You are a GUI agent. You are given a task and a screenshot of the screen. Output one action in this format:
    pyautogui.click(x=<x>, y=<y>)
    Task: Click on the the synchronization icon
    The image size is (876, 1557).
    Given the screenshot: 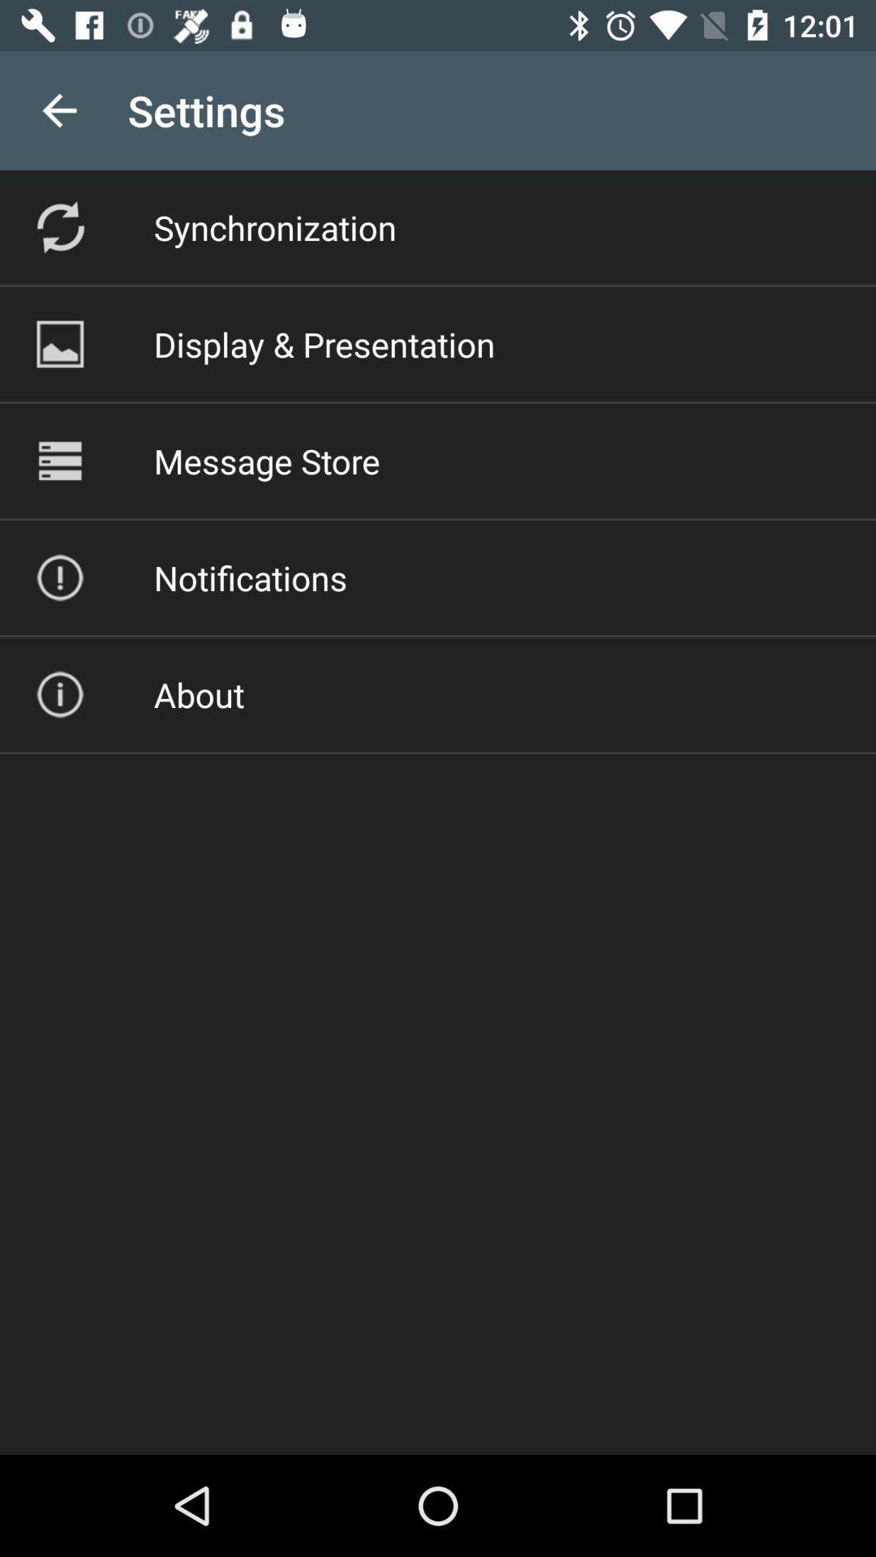 What is the action you would take?
    pyautogui.click(x=274, y=226)
    